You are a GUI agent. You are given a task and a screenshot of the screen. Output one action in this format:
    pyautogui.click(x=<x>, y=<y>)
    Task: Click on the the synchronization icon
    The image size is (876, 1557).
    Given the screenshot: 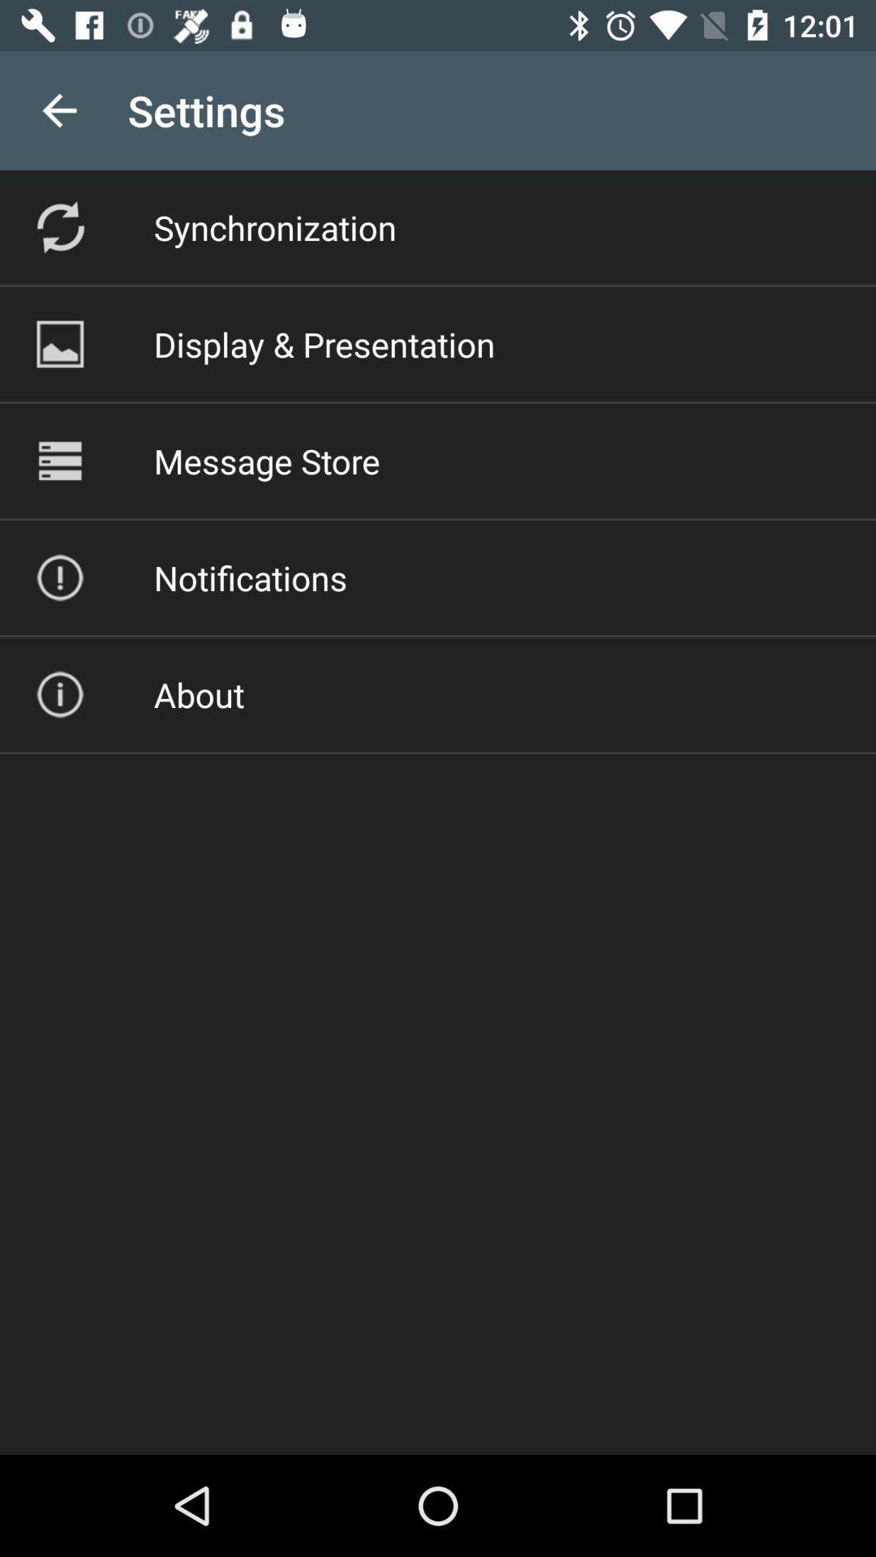 What is the action you would take?
    pyautogui.click(x=274, y=226)
    